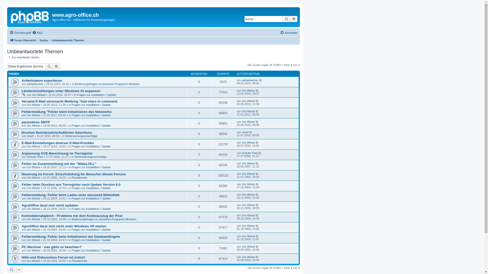  What do you see at coordinates (257, 143) in the screenshot?
I see `'Gehe zum letzten Beitrag'` at bounding box center [257, 143].